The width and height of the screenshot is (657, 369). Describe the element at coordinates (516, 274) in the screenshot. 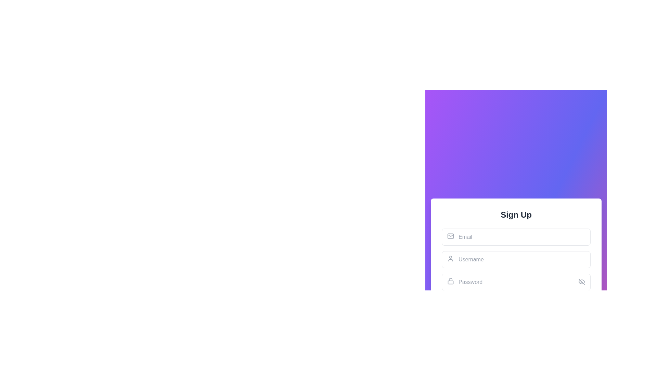

I see `the 'Email', 'Username', and 'Password' input fields in the 'Sign Up' form to focus on them` at that location.